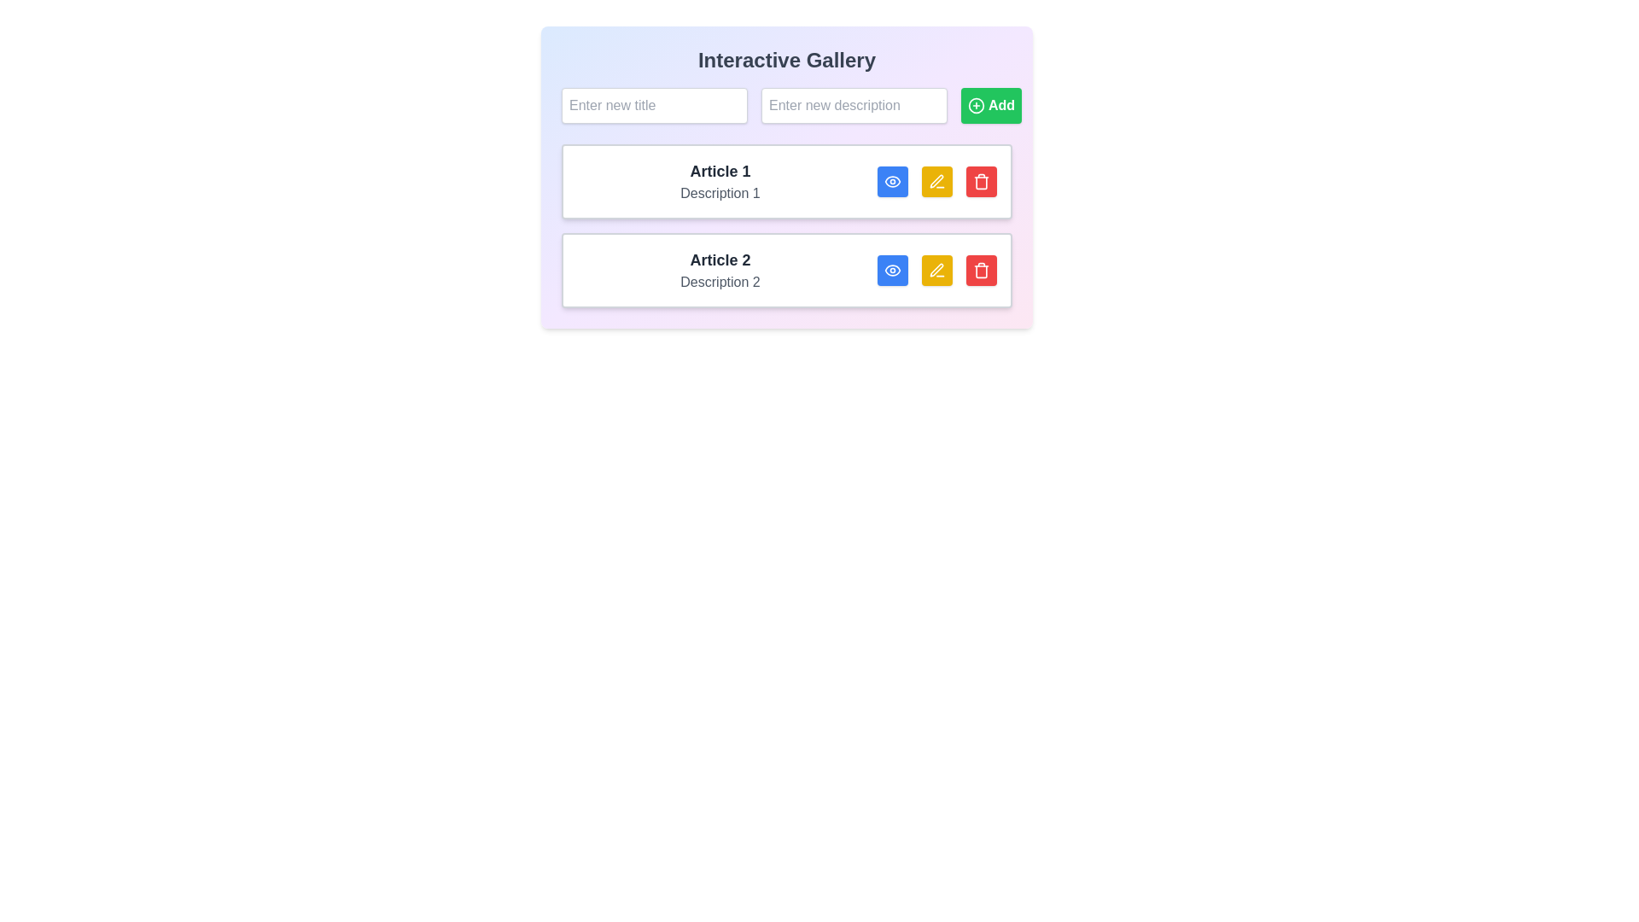 The height and width of the screenshot is (922, 1639). I want to click on the edit action icon located in the yellow button of the first row of the article list, near the text 'Article 1', so click(936, 181).